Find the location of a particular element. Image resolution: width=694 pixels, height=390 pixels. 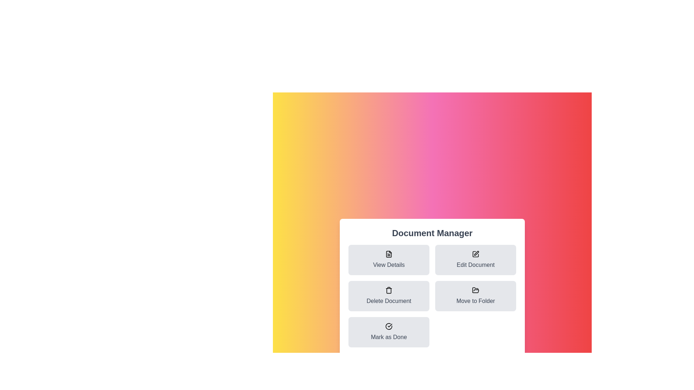

the 'Delete Document' button to delete the document is located at coordinates (388, 296).